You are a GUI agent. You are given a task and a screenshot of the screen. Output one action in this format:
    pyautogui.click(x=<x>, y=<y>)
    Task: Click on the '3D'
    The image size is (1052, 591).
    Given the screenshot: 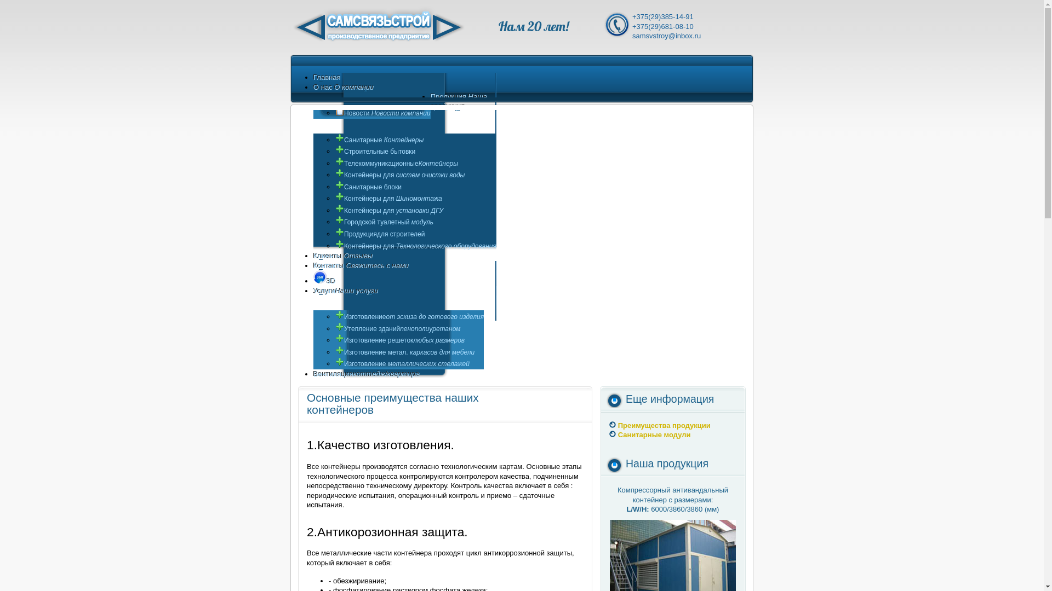 What is the action you would take?
    pyautogui.click(x=324, y=280)
    